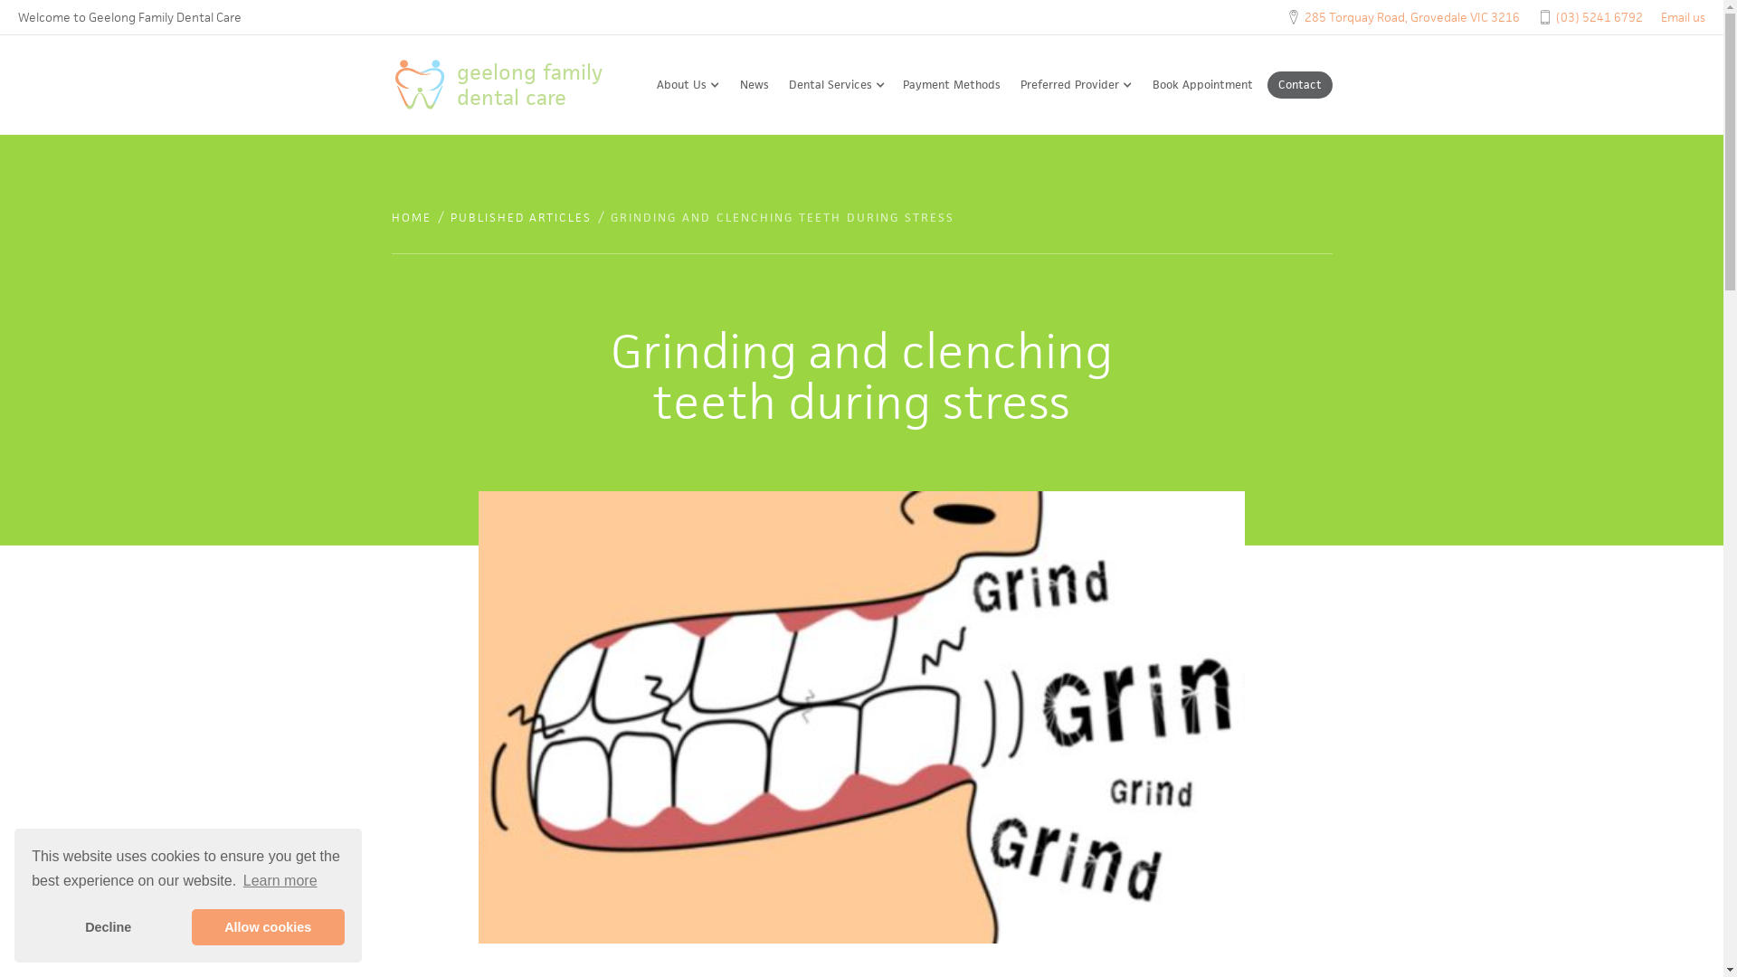  Describe the element at coordinates (520, 216) in the screenshot. I see `'PUBLISHED ARTICLES'` at that location.